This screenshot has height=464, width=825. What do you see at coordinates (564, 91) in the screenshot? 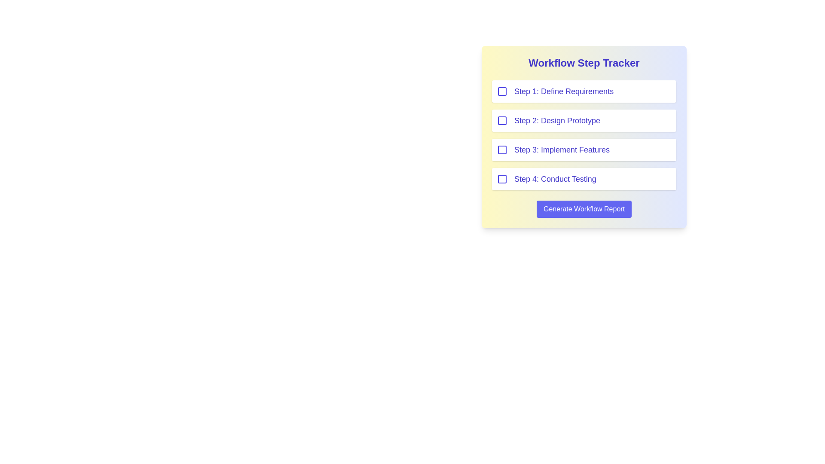
I see `the text label describing the first step in the workflow process, located in the 'Workflow Step Tracker' panel` at bounding box center [564, 91].